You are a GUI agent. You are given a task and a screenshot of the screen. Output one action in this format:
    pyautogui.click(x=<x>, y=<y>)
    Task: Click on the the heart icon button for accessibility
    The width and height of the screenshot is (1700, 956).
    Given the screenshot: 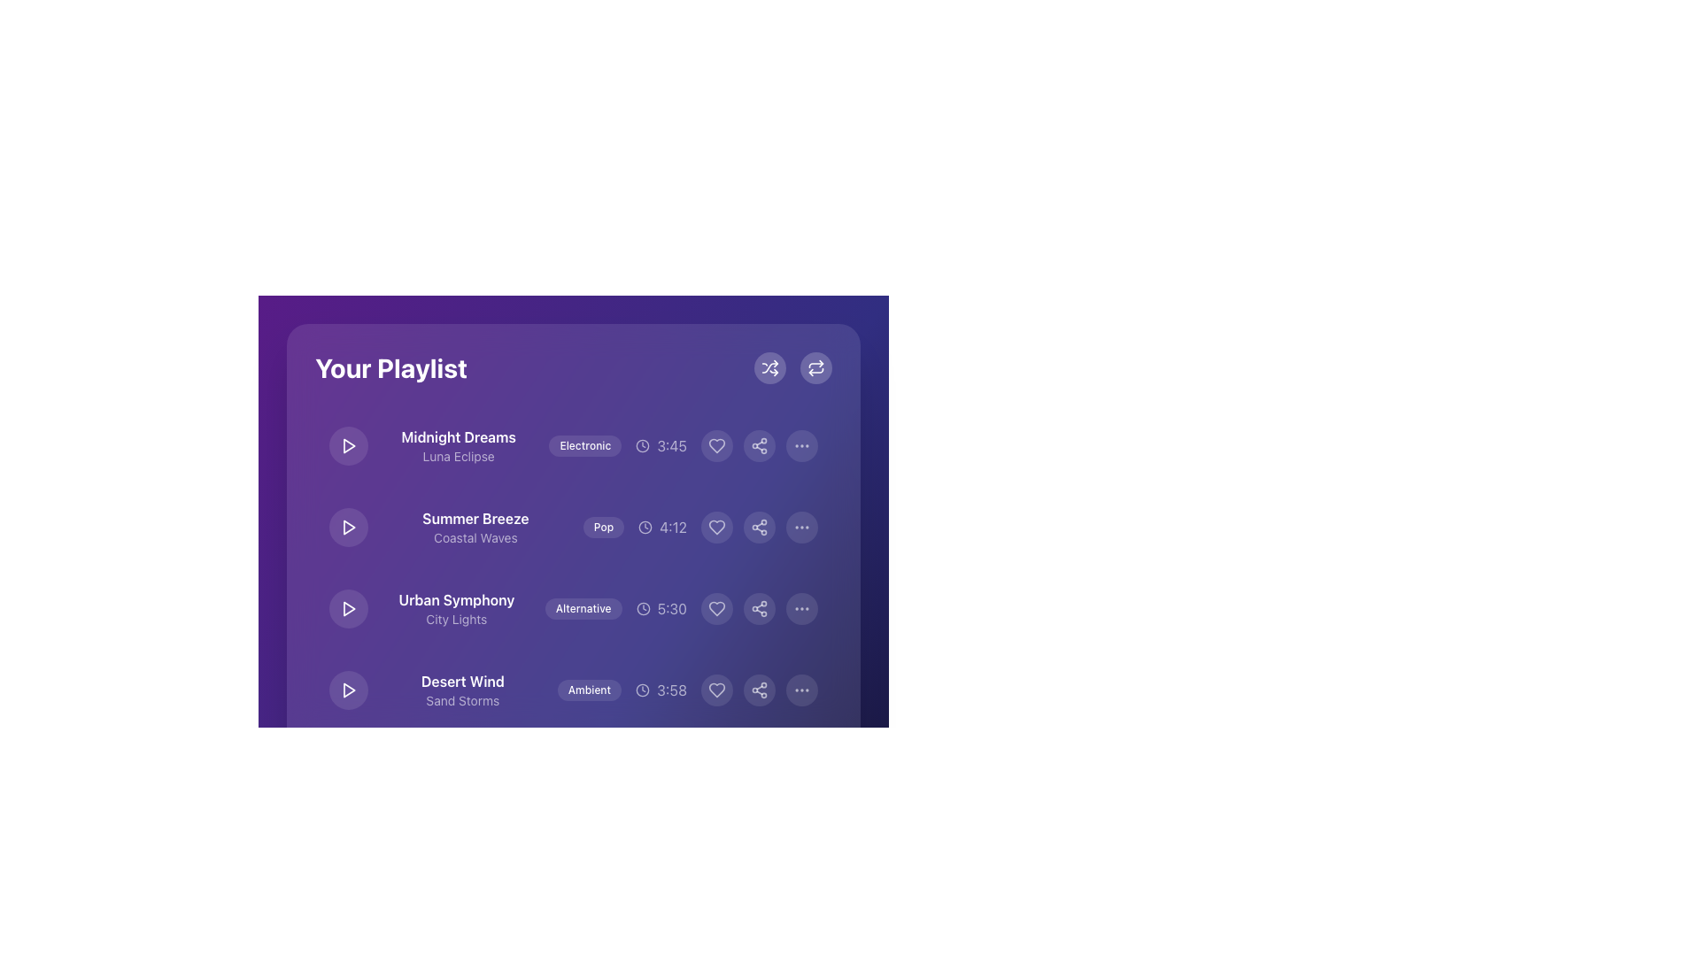 What is the action you would take?
    pyautogui.click(x=717, y=770)
    